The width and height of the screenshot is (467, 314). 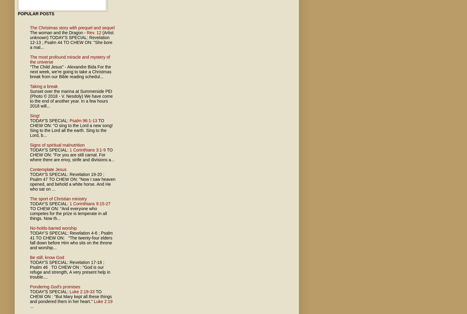 What do you see at coordinates (44, 86) in the screenshot?
I see `'Taking a break'` at bounding box center [44, 86].